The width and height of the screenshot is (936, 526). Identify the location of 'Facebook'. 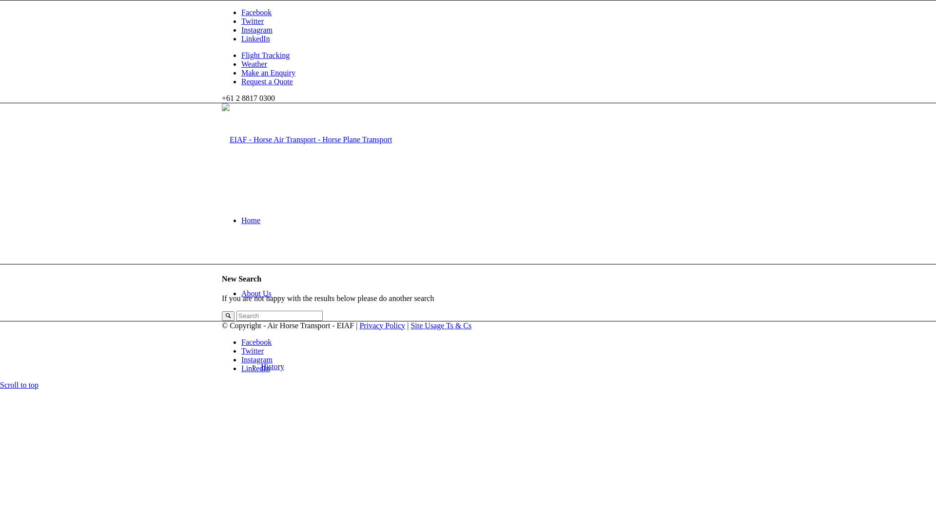
(256, 12).